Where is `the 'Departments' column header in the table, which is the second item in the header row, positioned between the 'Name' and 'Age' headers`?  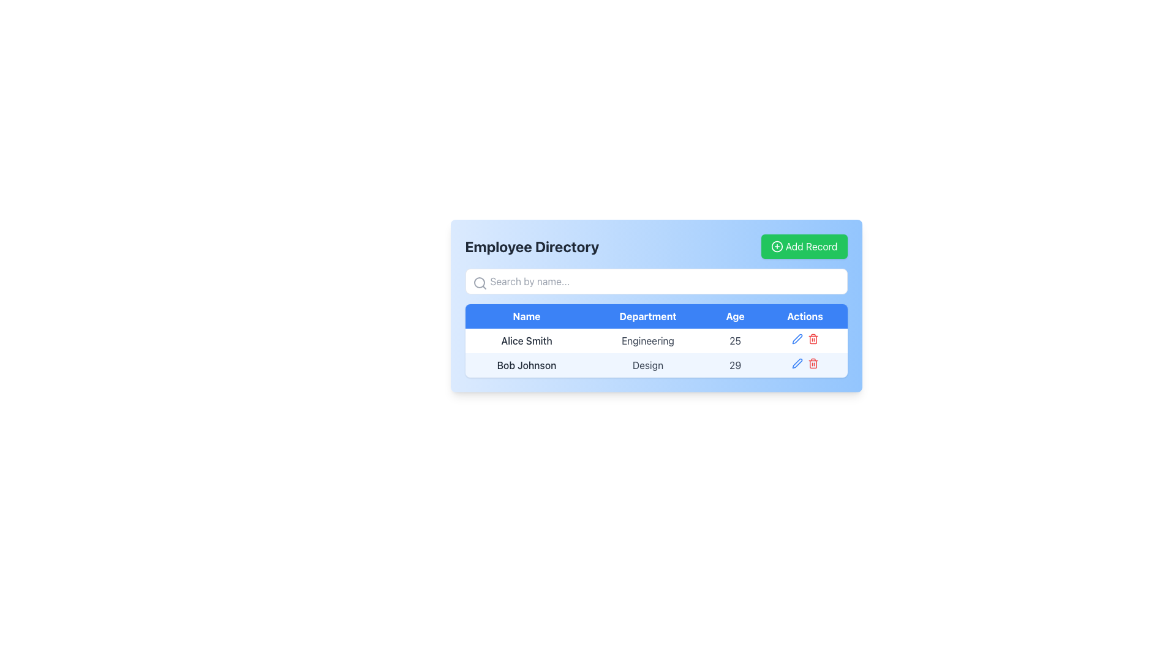
the 'Departments' column header in the table, which is the second item in the header row, positioned between the 'Name' and 'Age' headers is located at coordinates (647, 315).